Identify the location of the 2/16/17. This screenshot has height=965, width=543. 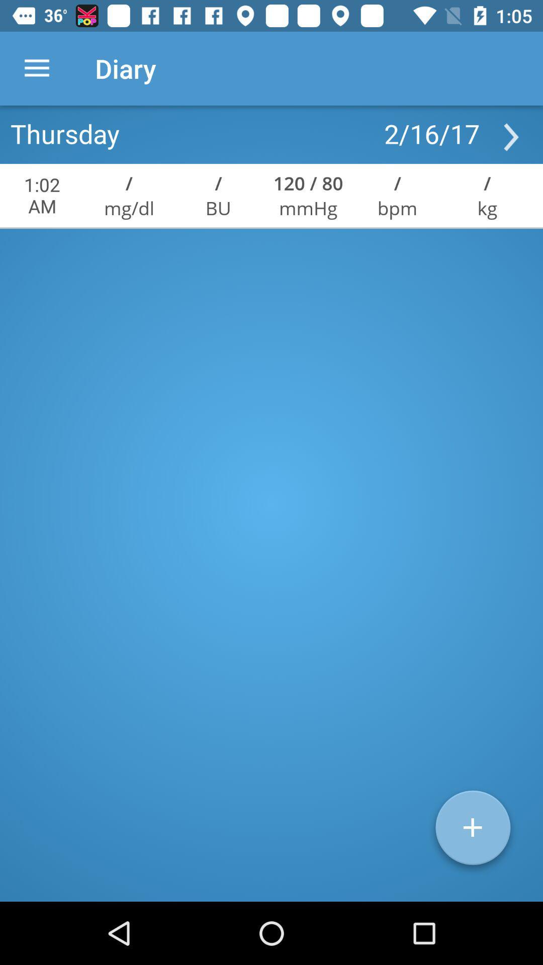
(431, 133).